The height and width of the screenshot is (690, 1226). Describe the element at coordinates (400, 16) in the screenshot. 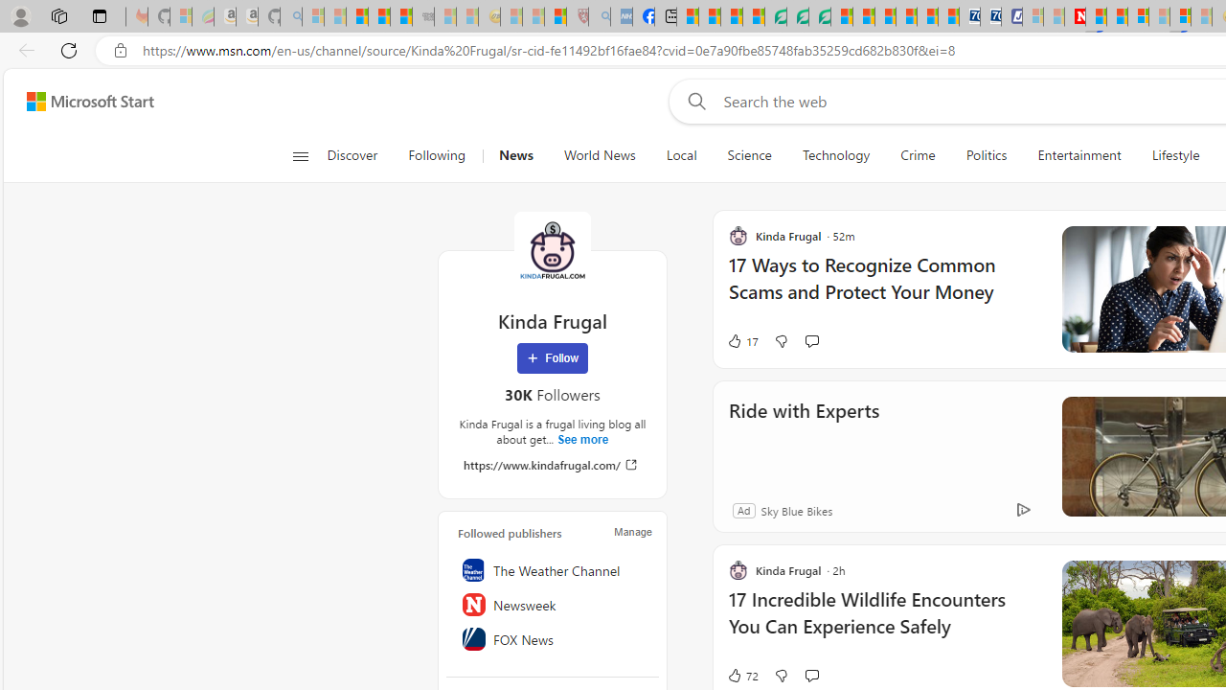

I see `'New Report Confirms 2023 Was Record Hot | Watch'` at that location.